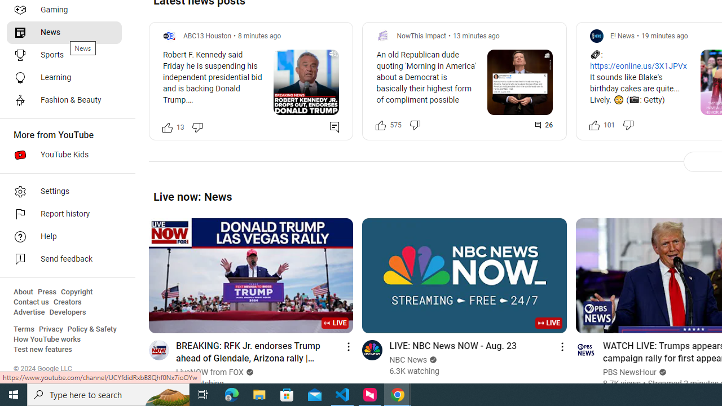 Image resolution: width=722 pixels, height=406 pixels. I want to click on 'Comment', so click(544, 125).